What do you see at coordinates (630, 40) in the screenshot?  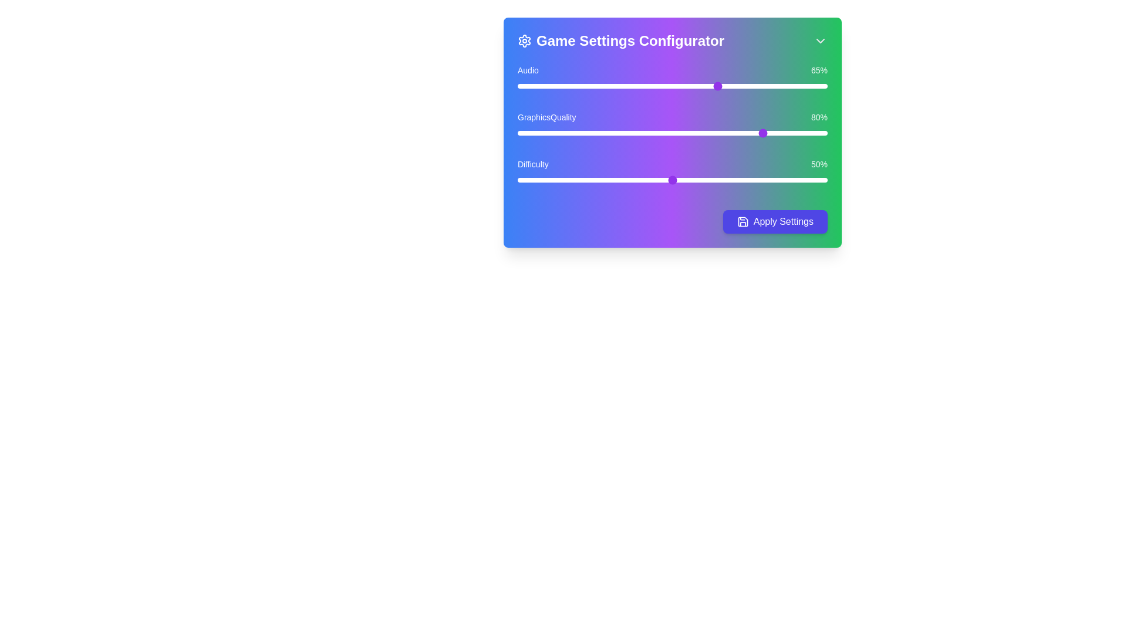 I see `static label text that serves as the title for the Game Settings Configurator interface, located above the sliders and 'Apply Settings' button` at bounding box center [630, 40].